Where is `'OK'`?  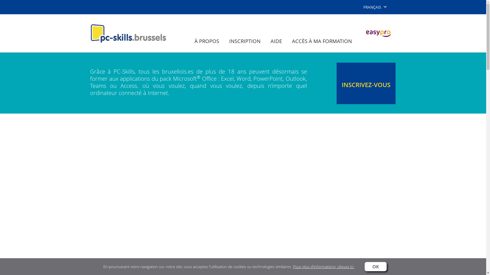
'OK' is located at coordinates (376, 266).